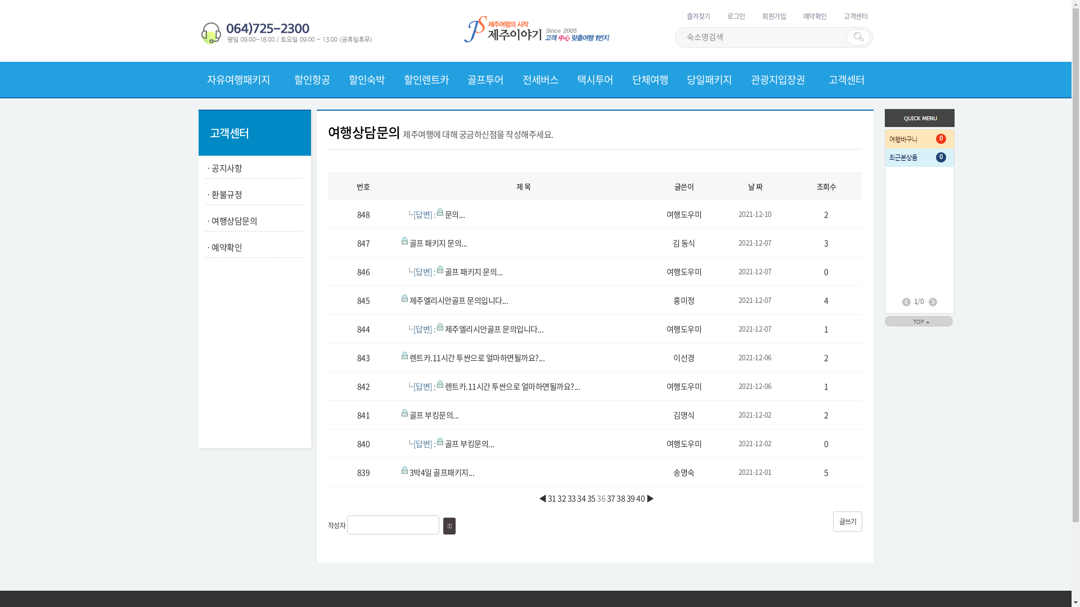 This screenshot has height=607, width=1080. I want to click on '40', so click(636, 497).